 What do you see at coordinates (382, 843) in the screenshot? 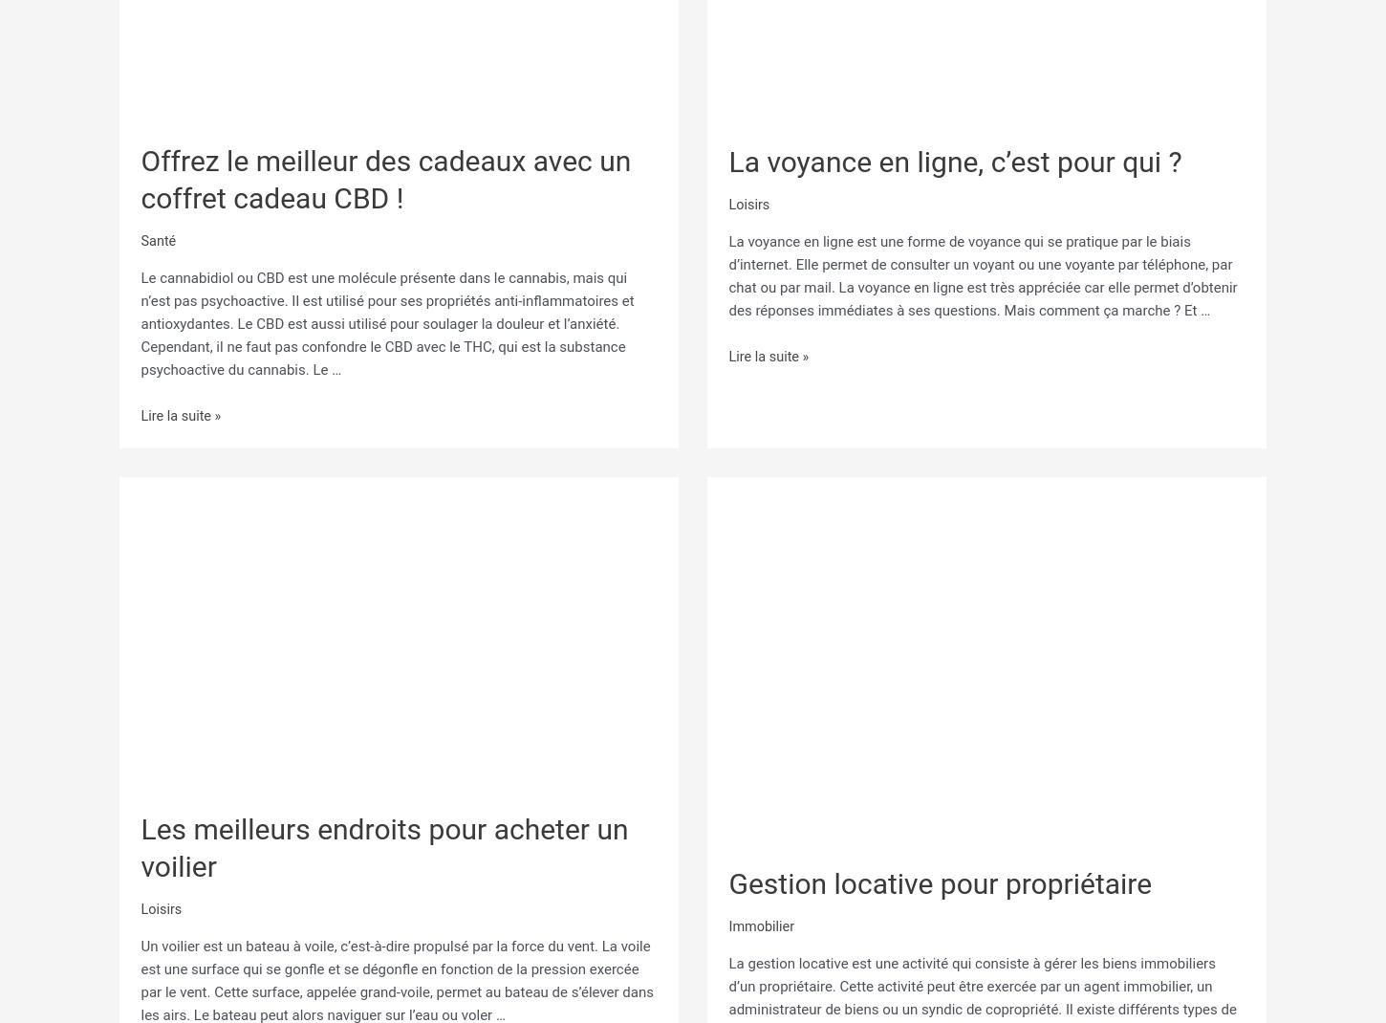
I see `'Les meilleurs endroits pour acheter un voilier'` at bounding box center [382, 843].